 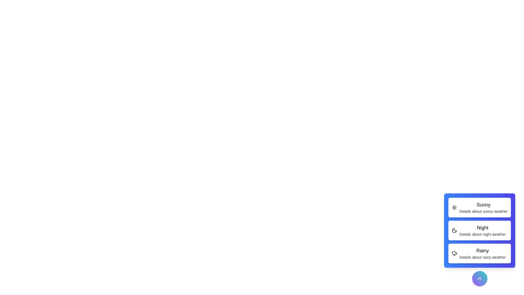 I want to click on toggle button at the bottom of the menu to change its visibility state, so click(x=479, y=278).